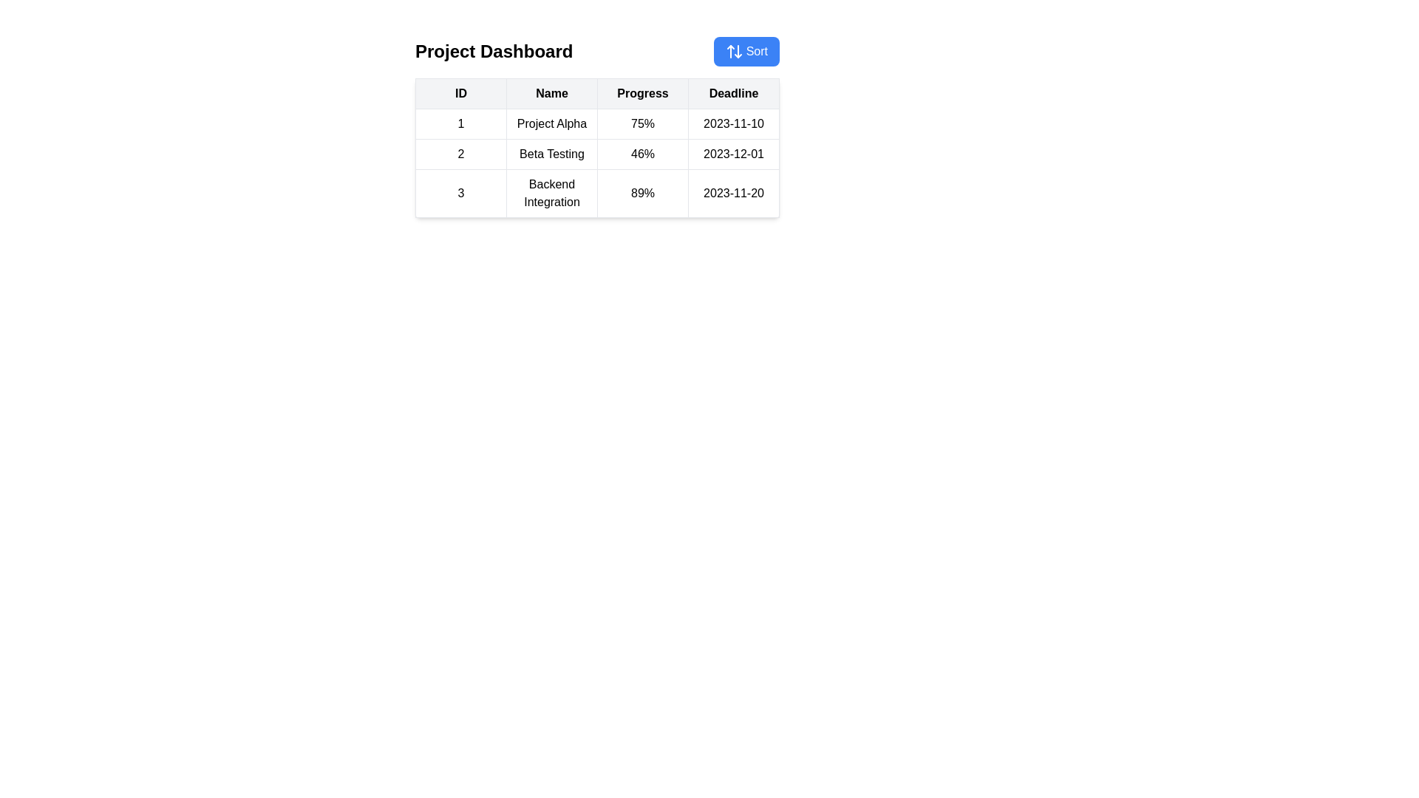  What do you see at coordinates (597, 148) in the screenshot?
I see `the progress percentage cell indicating 46% completion for the 'Beta Testing' project located in the 'Project Dashboard' section, under the 'Sort' button, specifically in the second row of the table under the 'Progress' column` at bounding box center [597, 148].